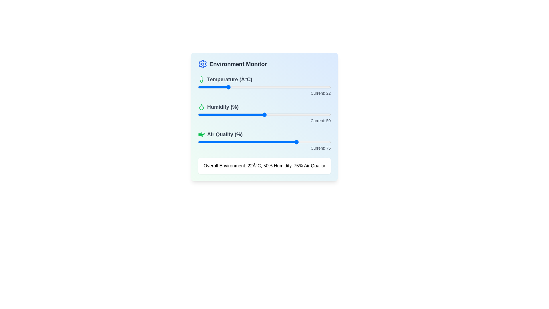 The width and height of the screenshot is (549, 309). I want to click on the humidity slider to 56%, so click(272, 115).